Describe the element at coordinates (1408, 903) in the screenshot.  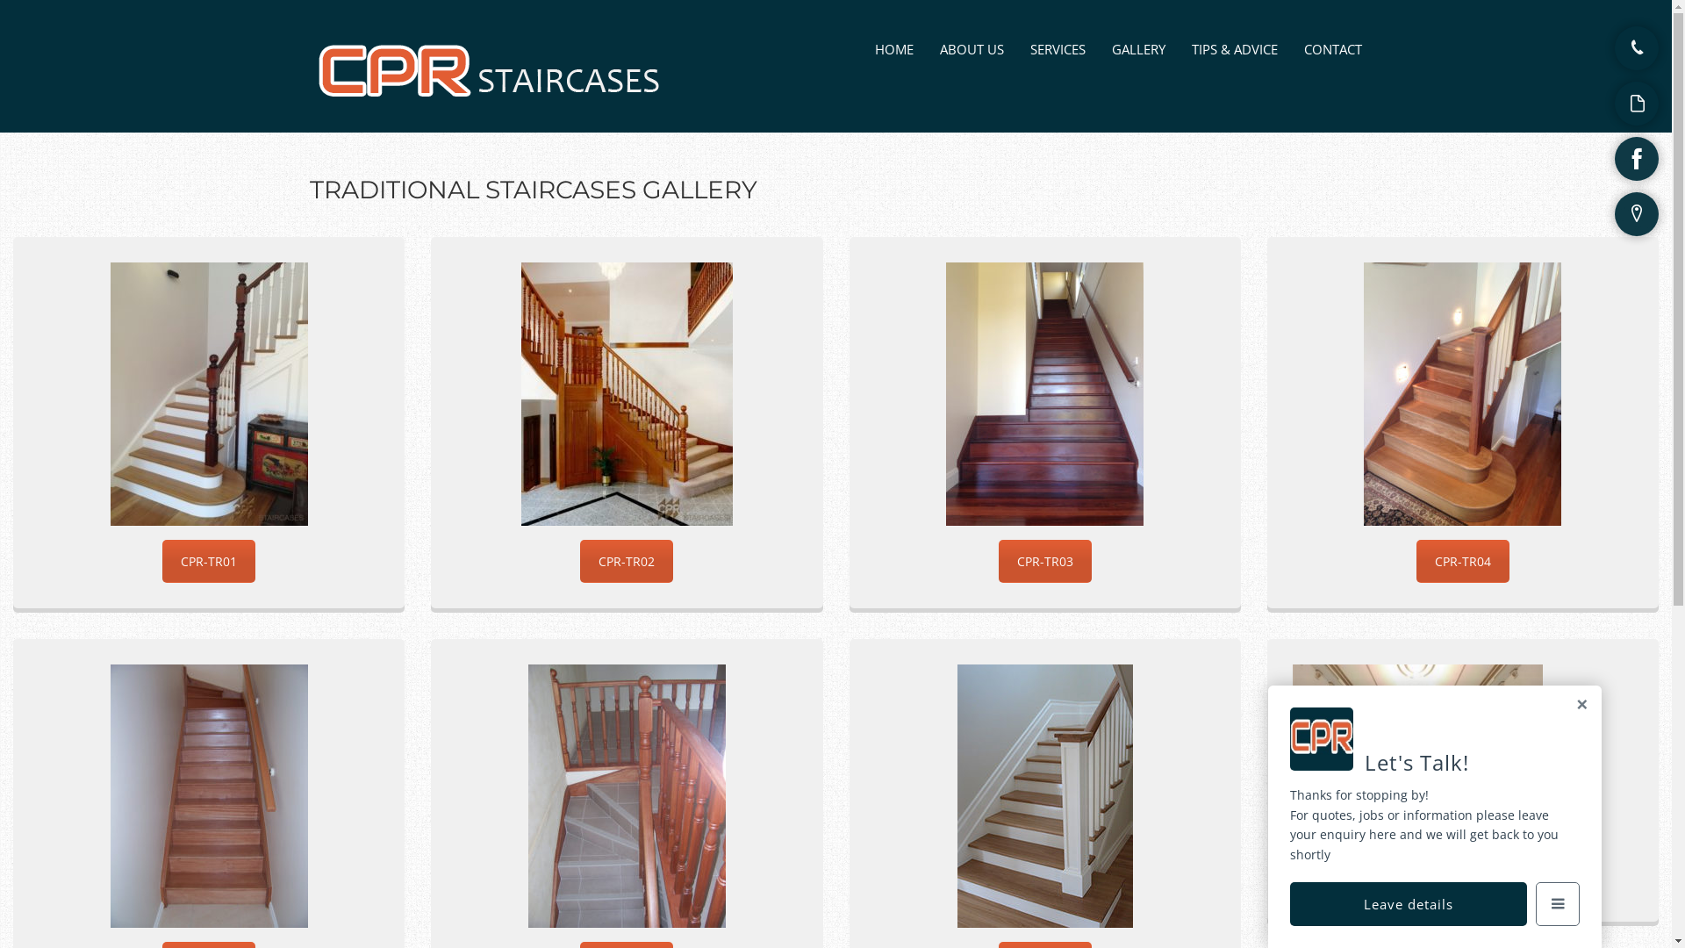
I see `'Leave details'` at that location.